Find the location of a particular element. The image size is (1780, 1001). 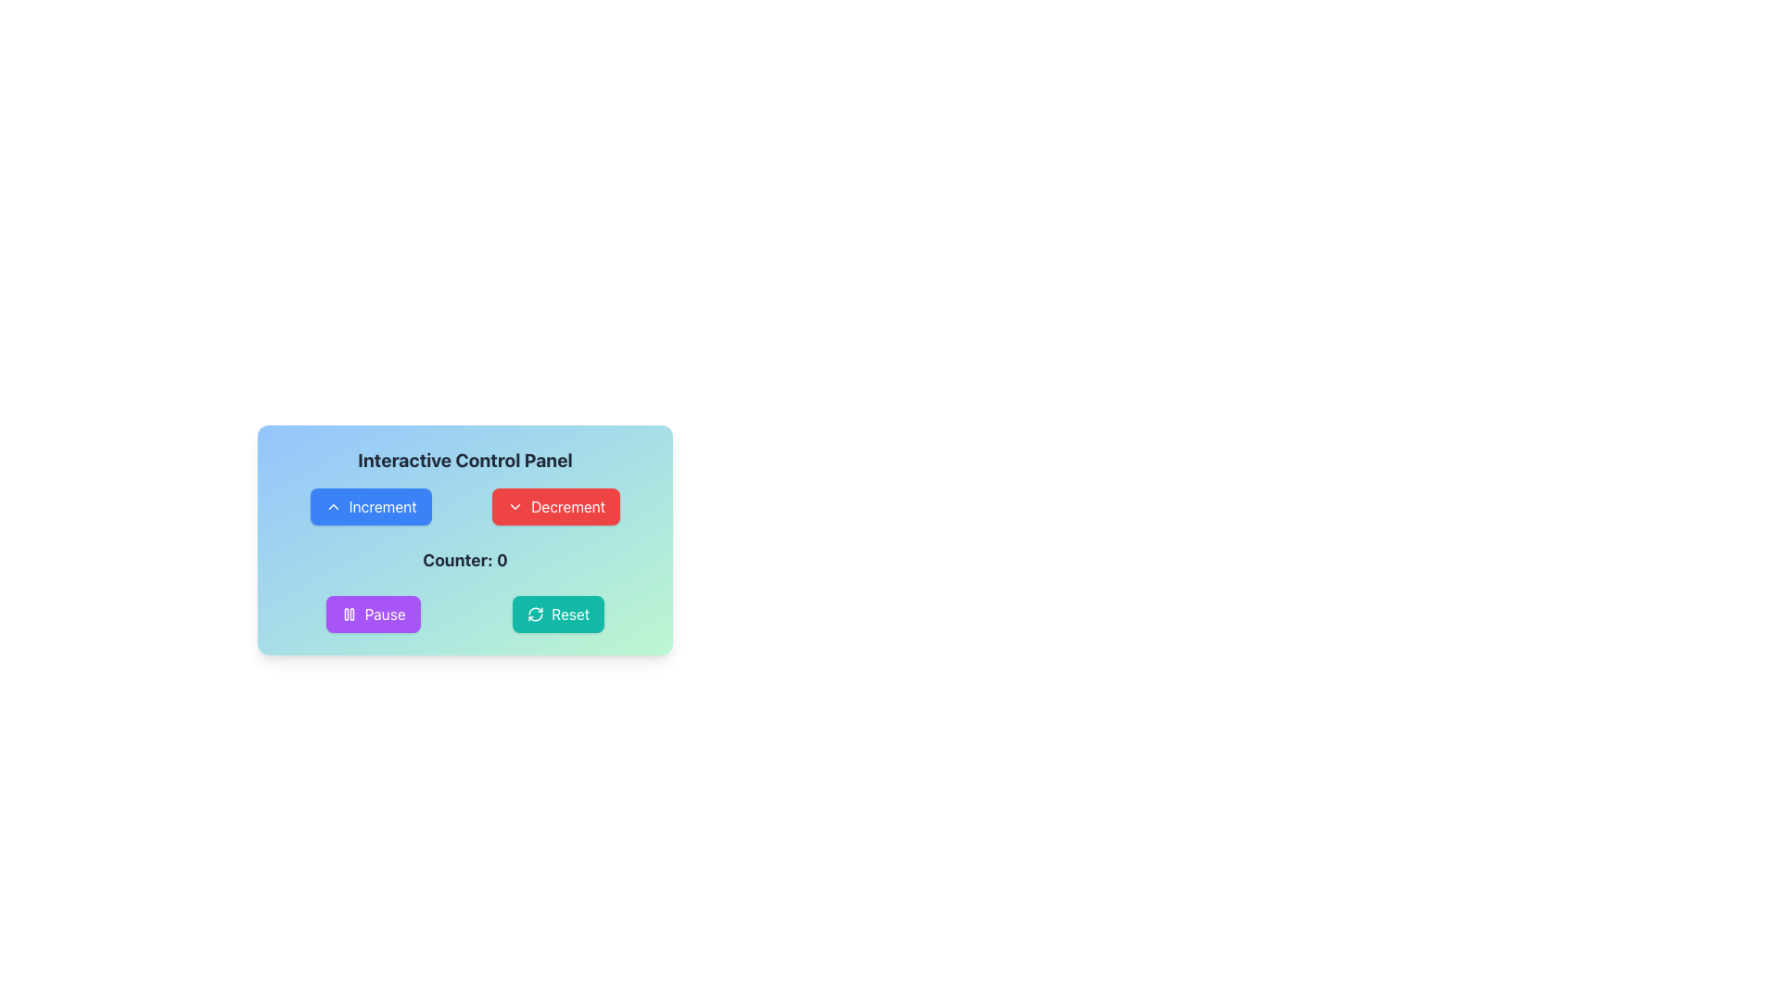

the circular icon with two curved arrows on a teal background, which is located at the center of the 'Reset' button in the bottom-right corner of the interface is located at coordinates (535, 615).